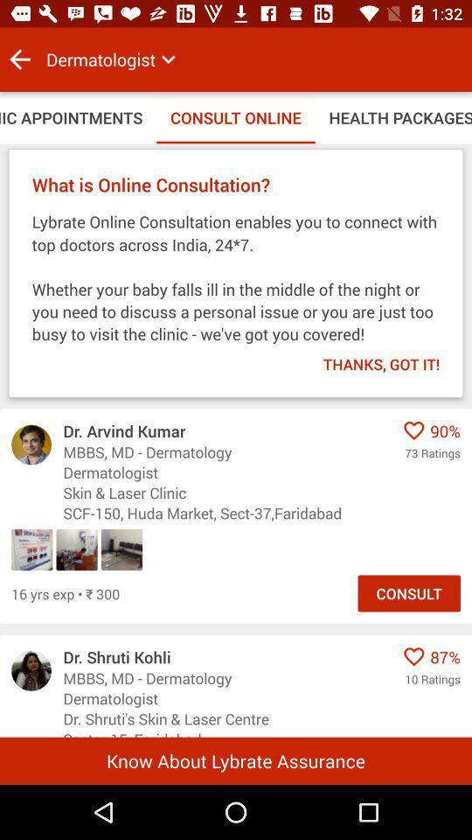 Image resolution: width=472 pixels, height=840 pixels. What do you see at coordinates (19, 59) in the screenshot?
I see `go back` at bounding box center [19, 59].